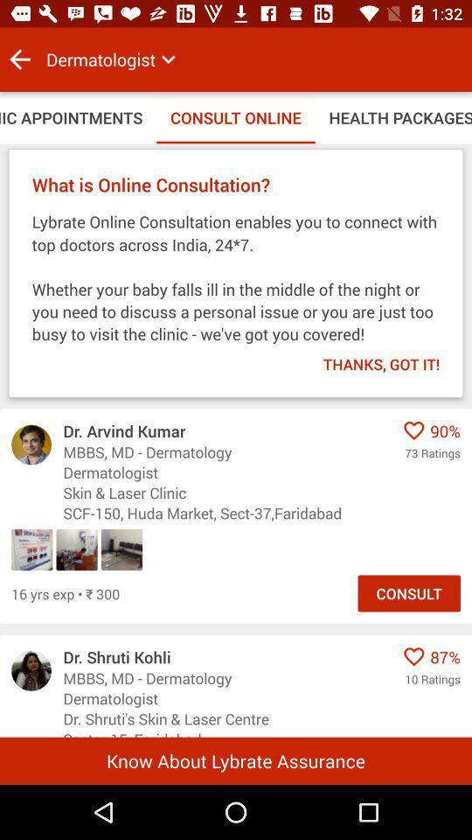 Image resolution: width=472 pixels, height=840 pixels. What do you see at coordinates (19, 59) in the screenshot?
I see `go back` at bounding box center [19, 59].